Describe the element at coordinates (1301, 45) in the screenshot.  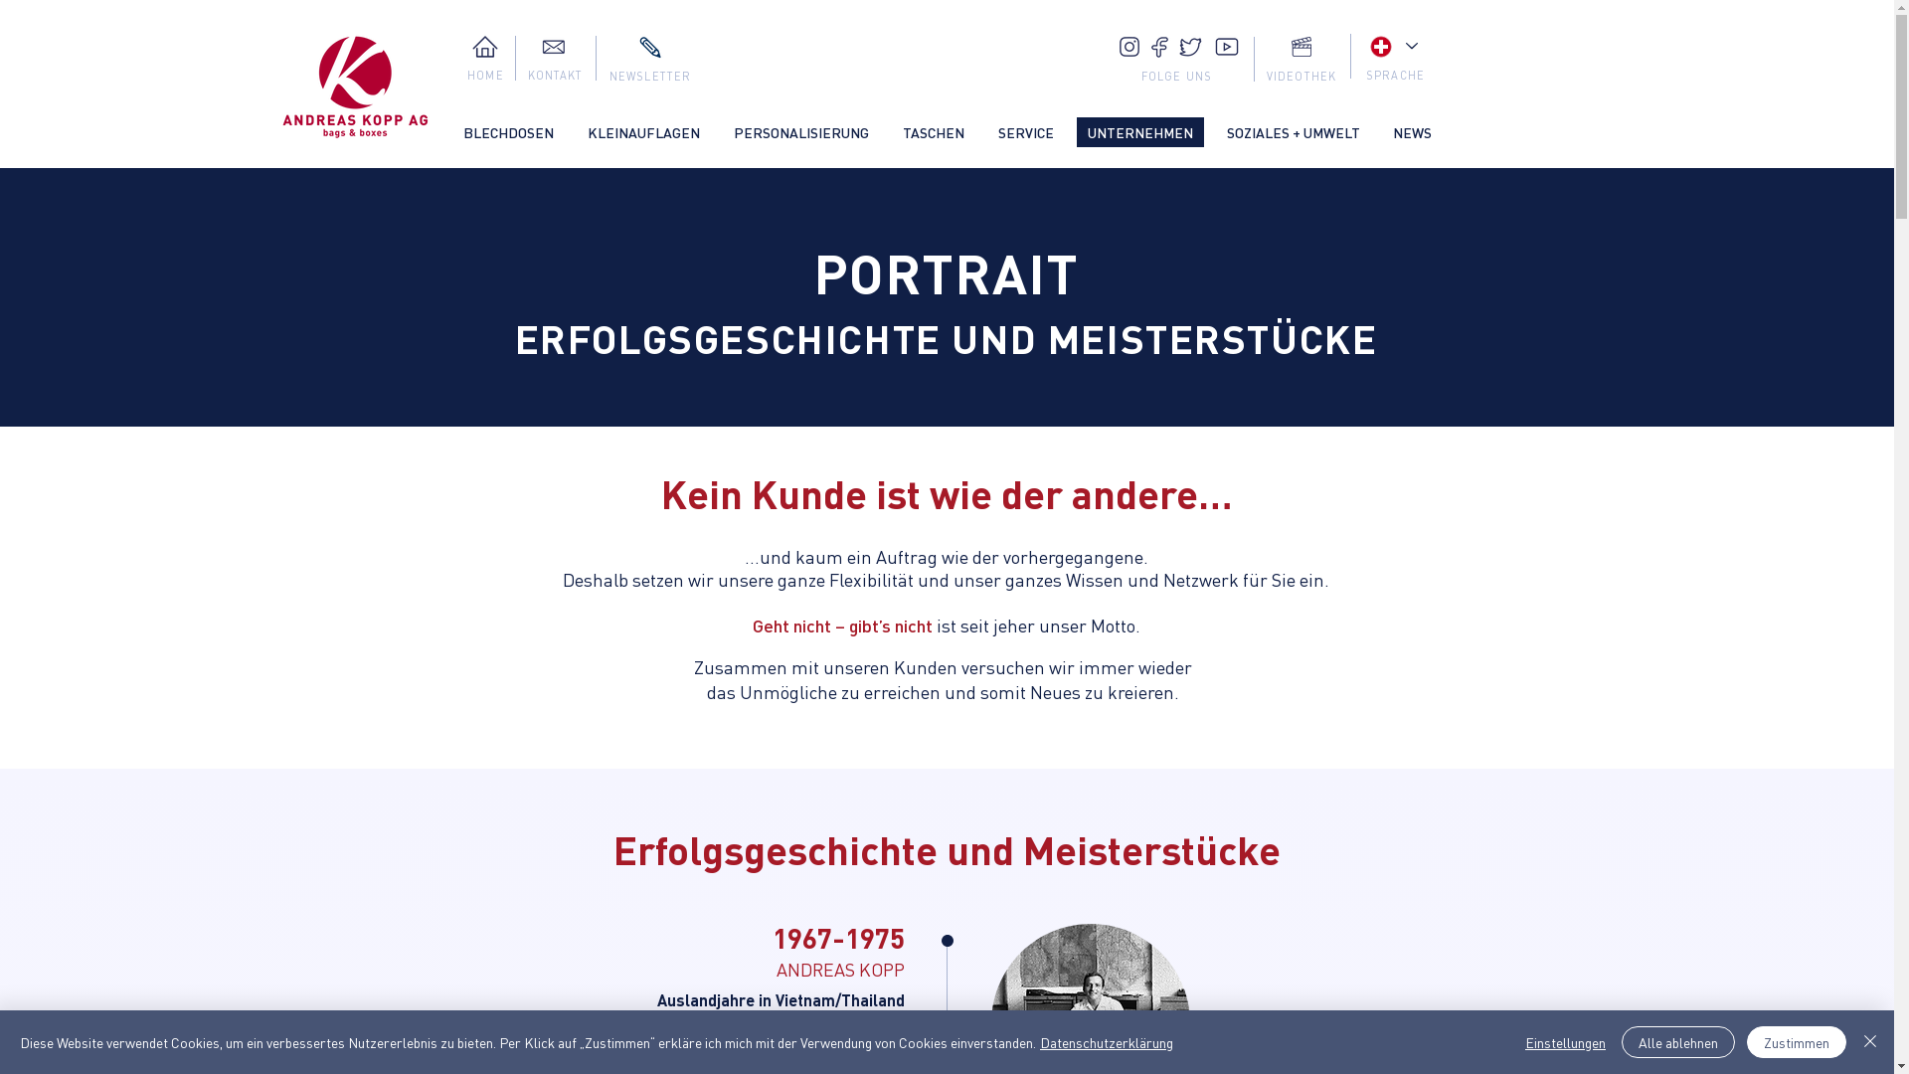
I see `'Videothek'` at that location.